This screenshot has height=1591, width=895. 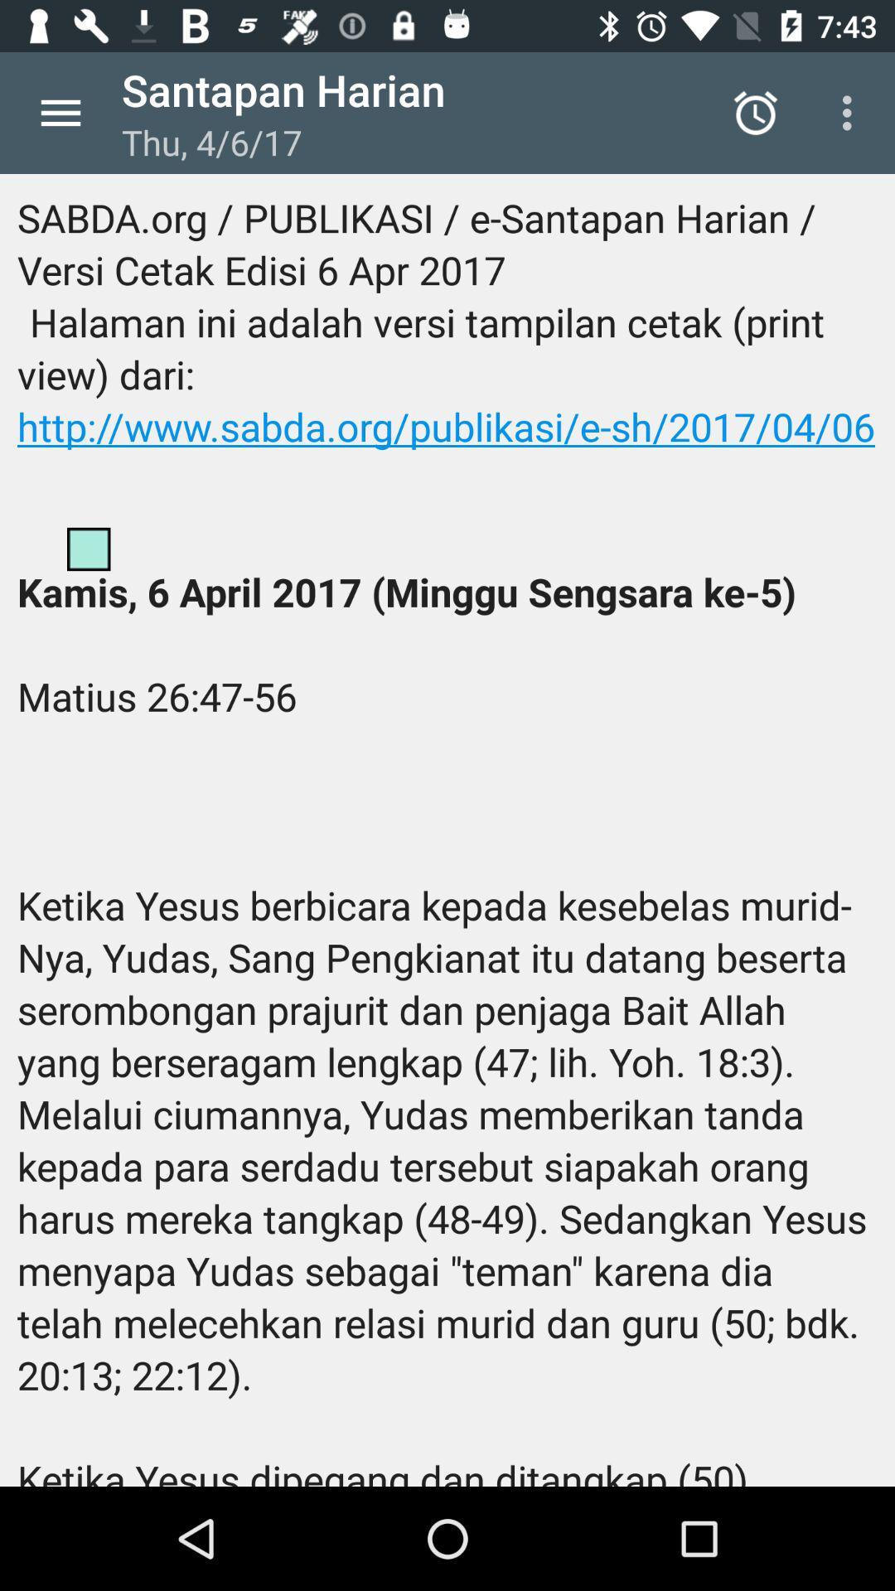 I want to click on the sabda org publikasi icon, so click(x=447, y=830).